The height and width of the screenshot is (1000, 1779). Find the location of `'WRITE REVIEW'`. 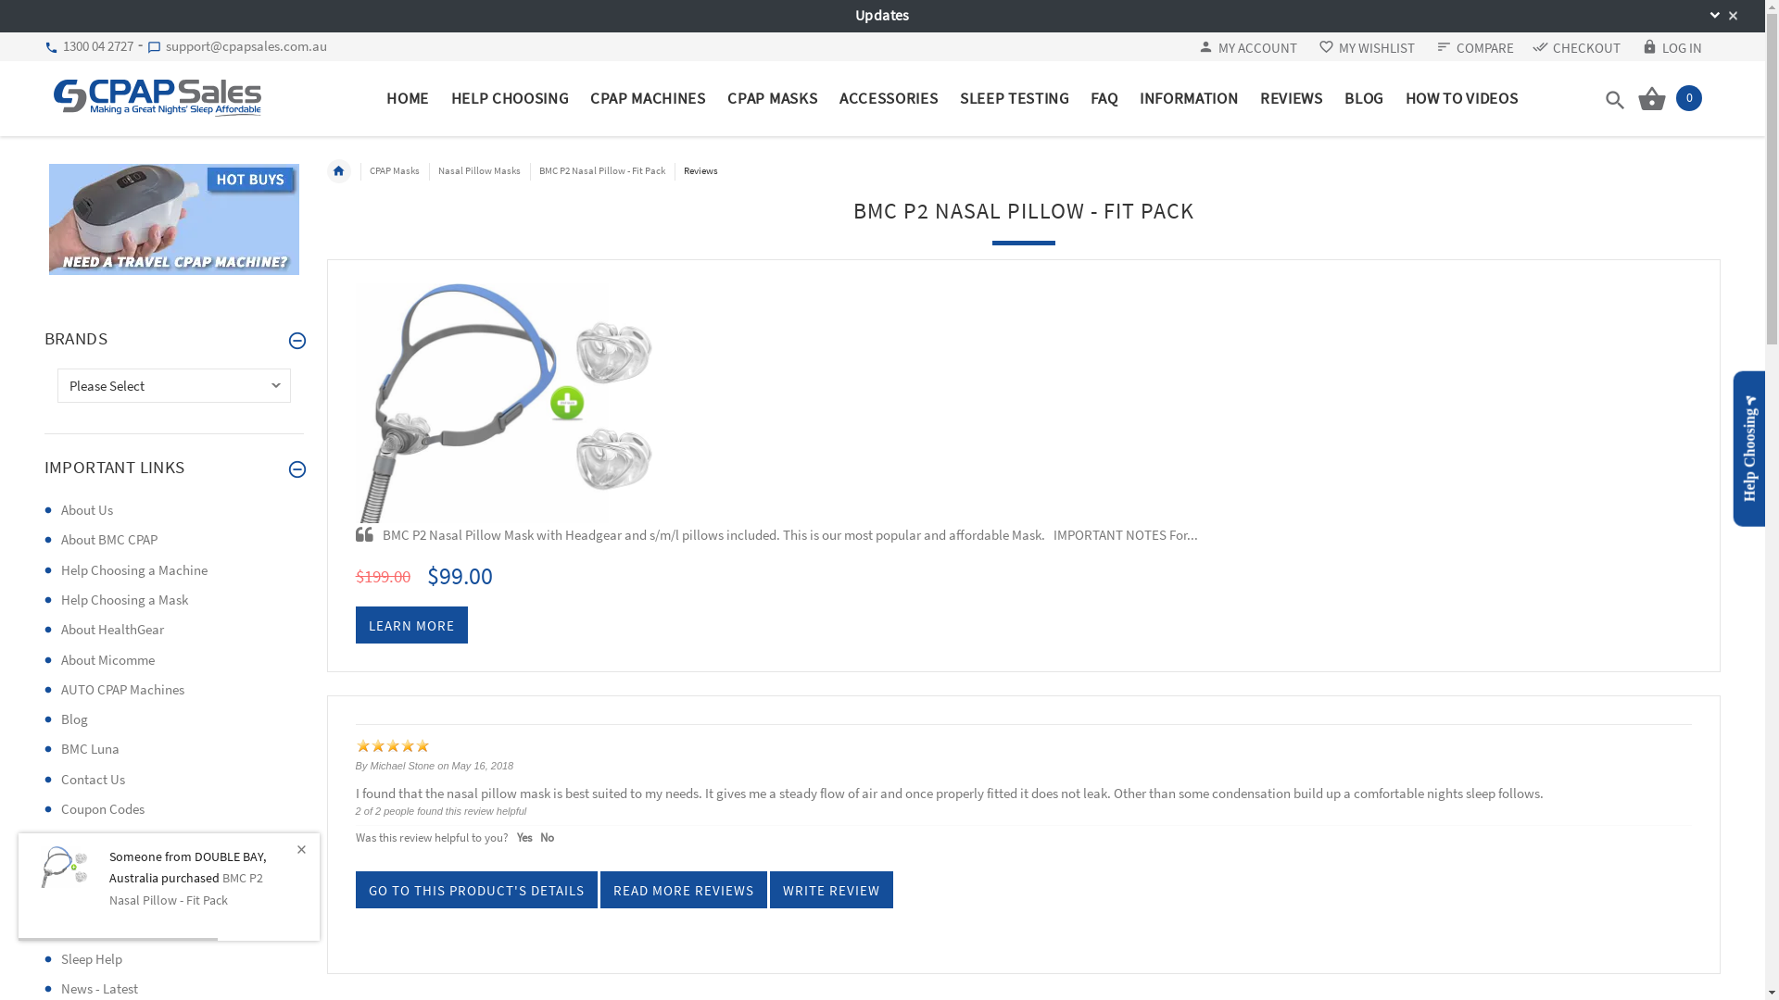

'WRITE REVIEW' is located at coordinates (769, 888).